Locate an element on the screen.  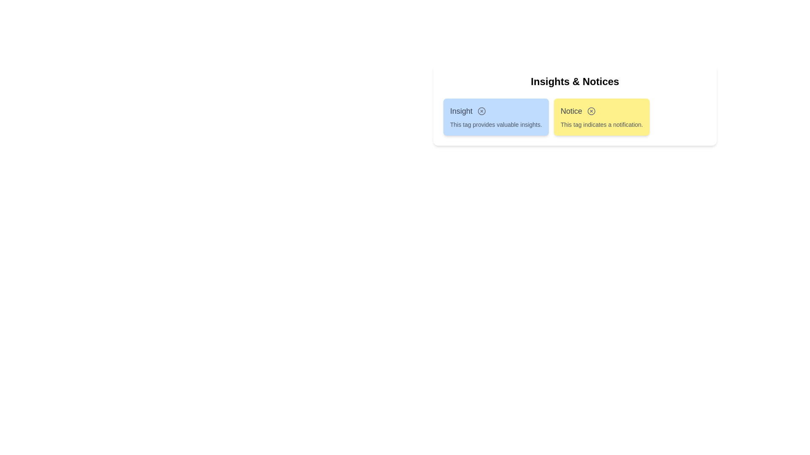
close button on the tag labeled Insight to remove it is located at coordinates (482, 110).